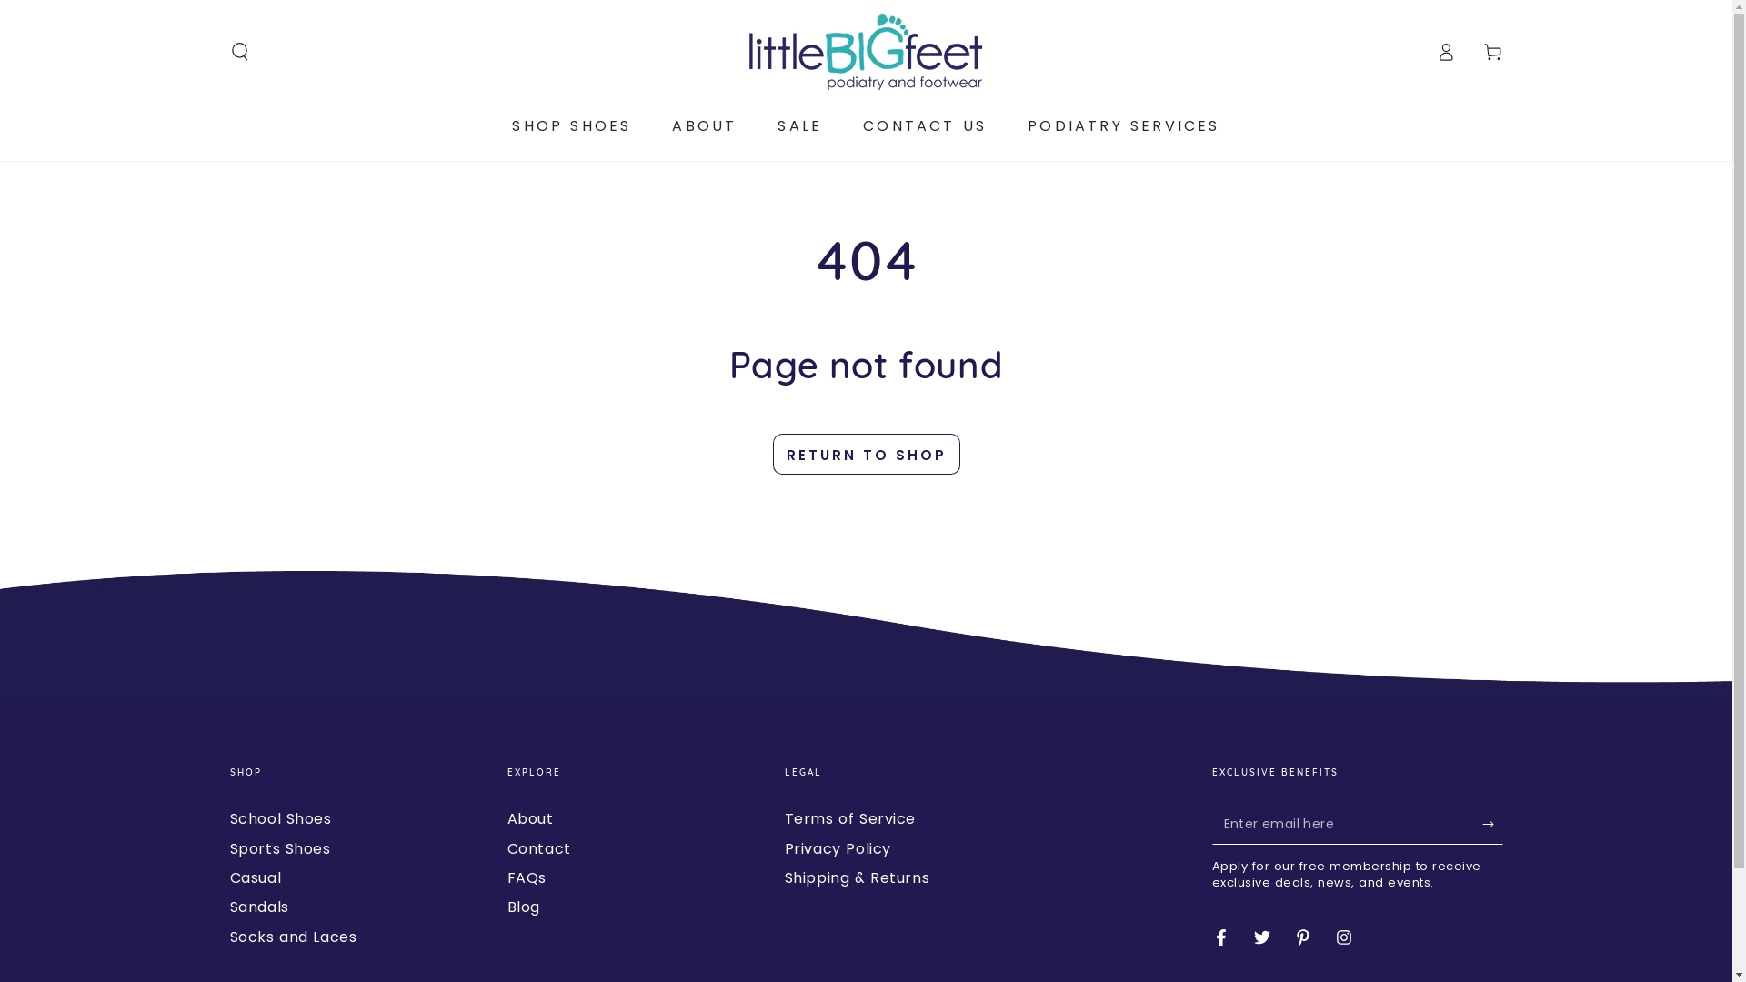 This screenshot has height=982, width=1746. Describe the element at coordinates (529, 818) in the screenshot. I see `'About'` at that location.